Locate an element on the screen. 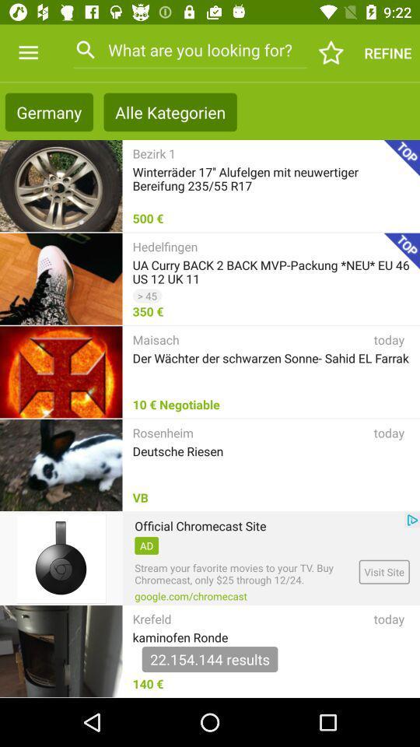  item next to stream your favorite icon is located at coordinates (383, 571).